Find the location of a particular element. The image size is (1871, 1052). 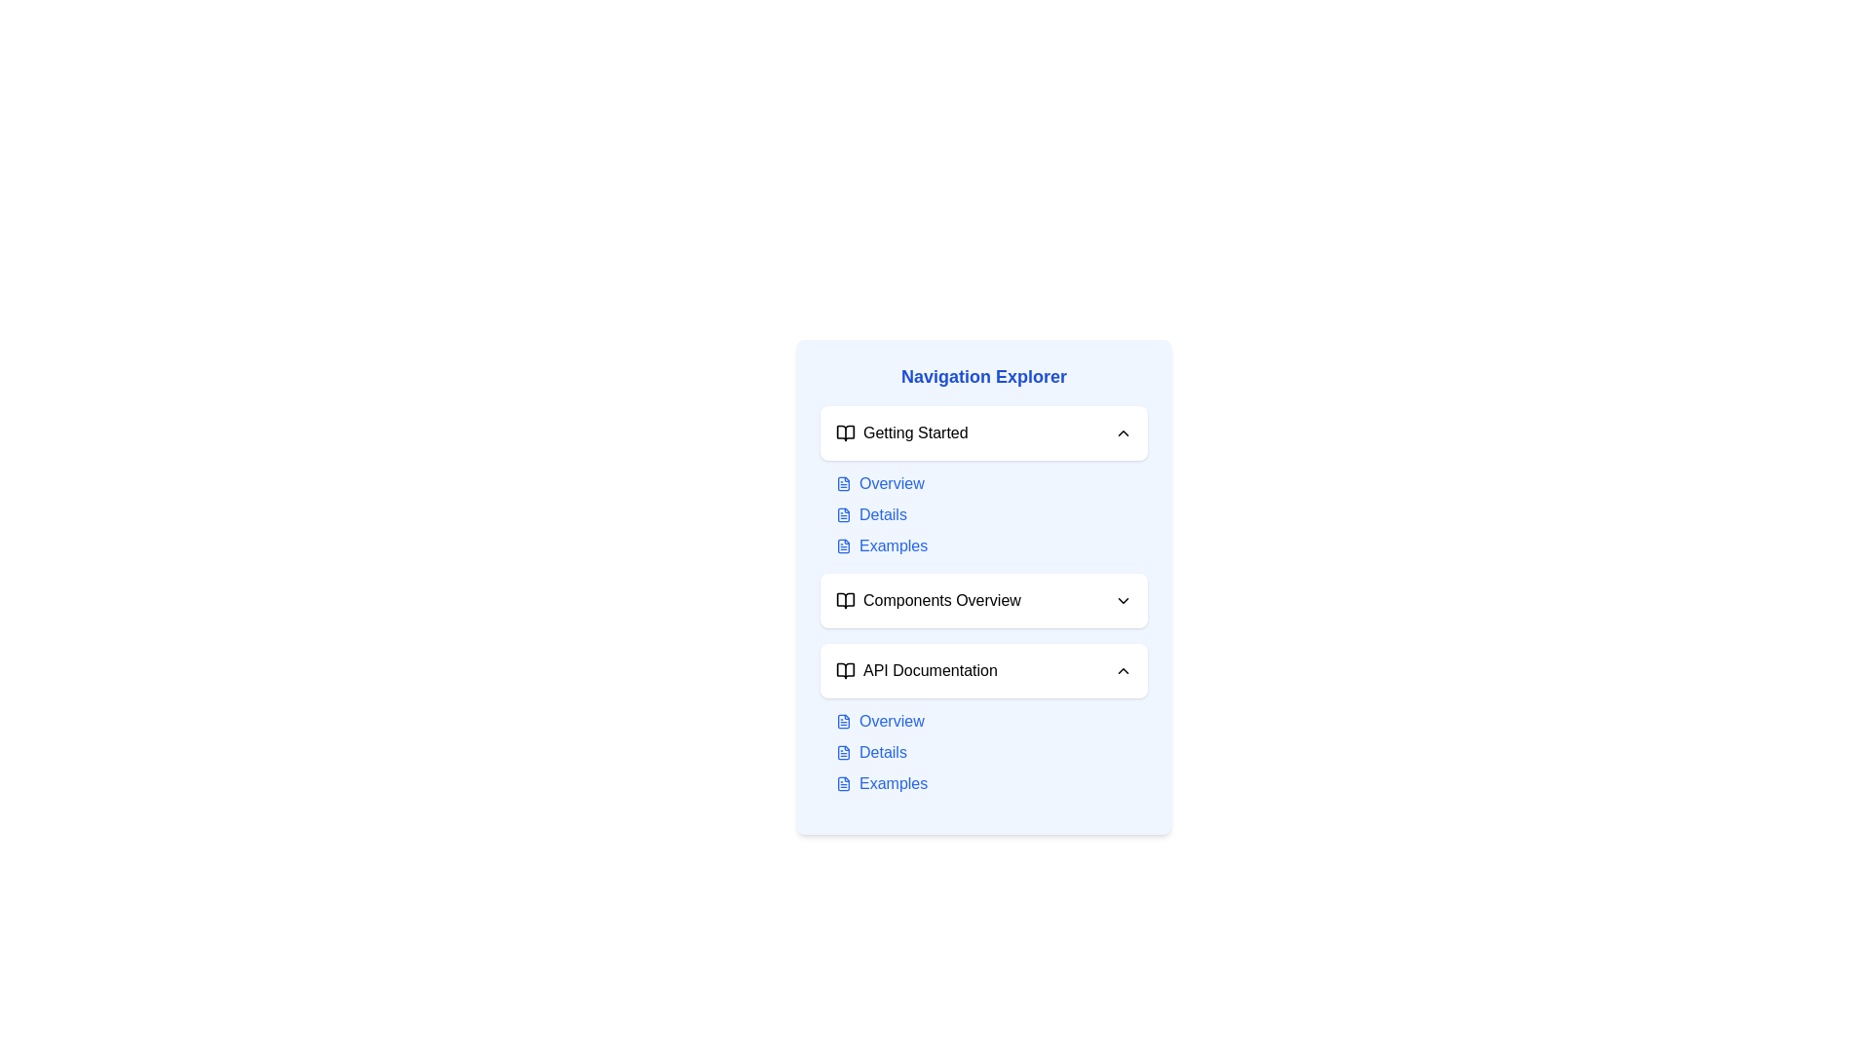

the 'Details' icon in the 'API Documentation' section of the 'Navigation Explorer' panel is located at coordinates (843, 751).